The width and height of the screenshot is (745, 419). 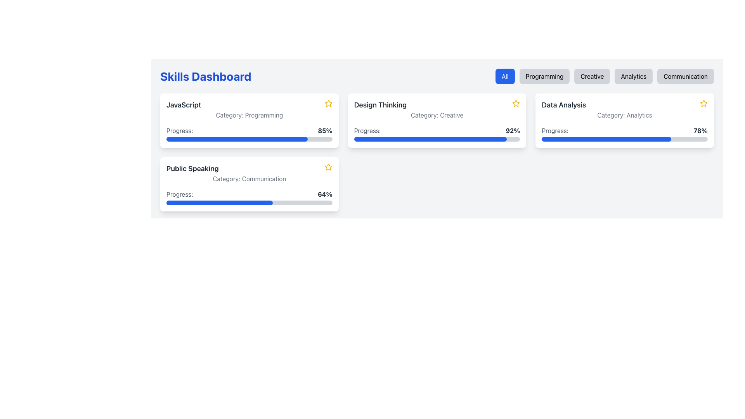 What do you see at coordinates (516, 103) in the screenshot?
I see `the star icon located in the top-right corner of the 'Design Thinking' card` at bounding box center [516, 103].